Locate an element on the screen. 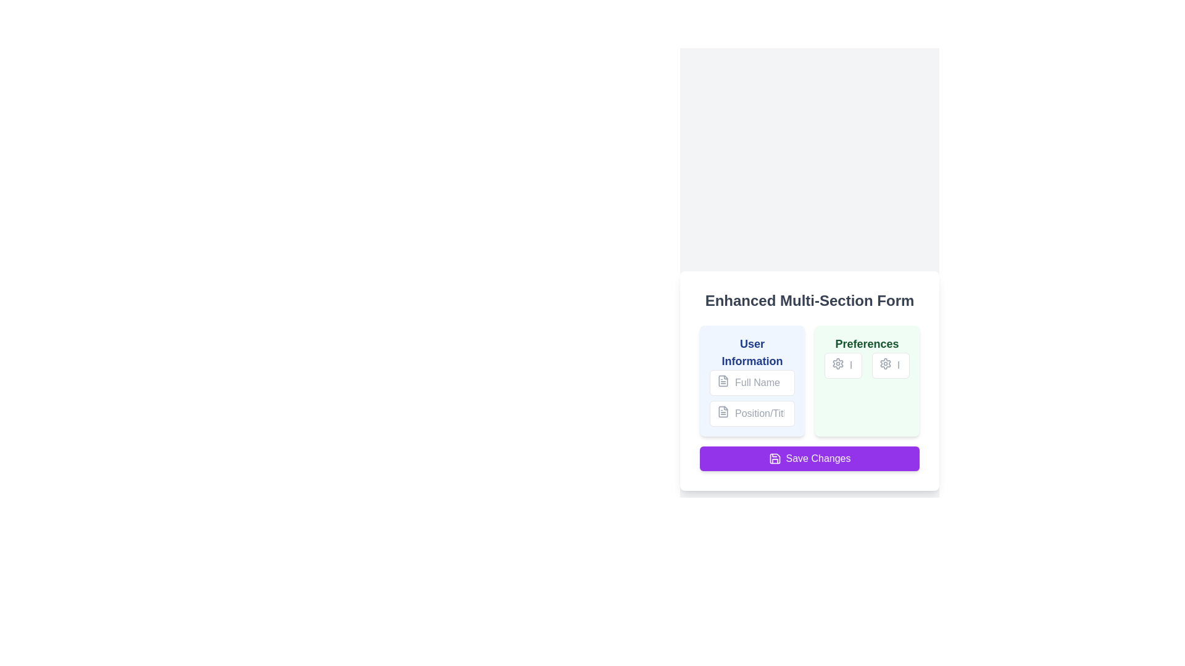 This screenshot has width=1185, height=666. the informational display group that shows the user's full name and position in the 'User Information' section is located at coordinates (752, 398).